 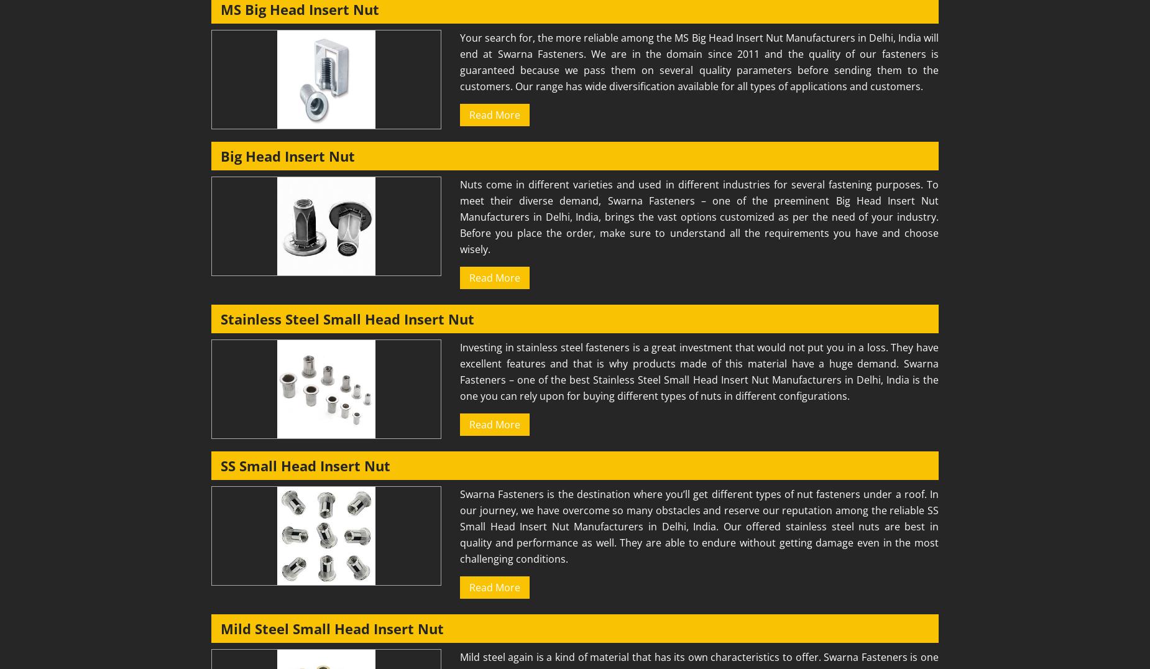 What do you see at coordinates (220, 156) in the screenshot?
I see `'Big Head Insert Nut'` at bounding box center [220, 156].